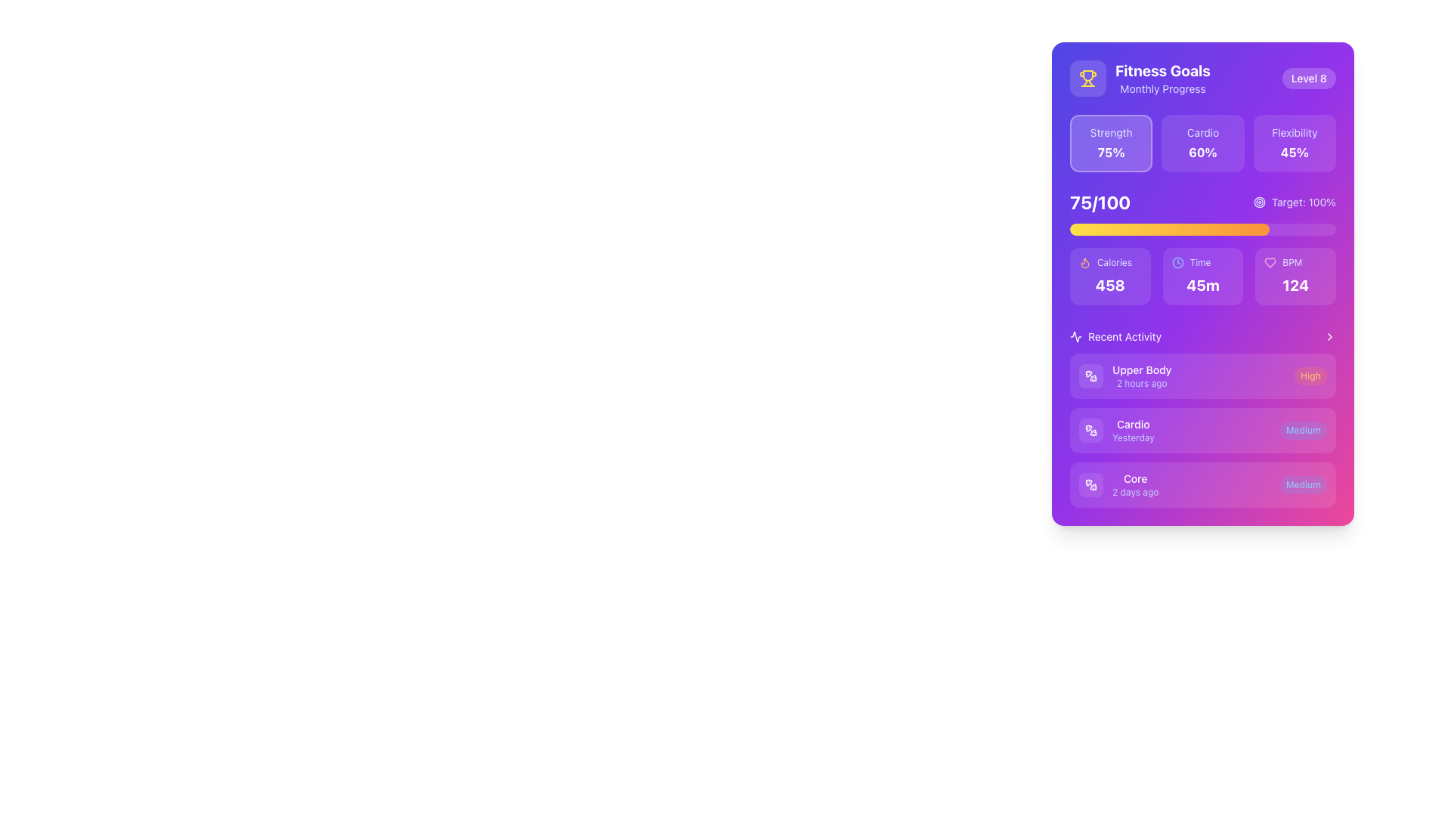  What do you see at coordinates (1199, 261) in the screenshot?
I see `the Static Text Label that clarifies the meaning of the numerical '45m', located next to the clock icon in the middle section of the vertical layout` at bounding box center [1199, 261].